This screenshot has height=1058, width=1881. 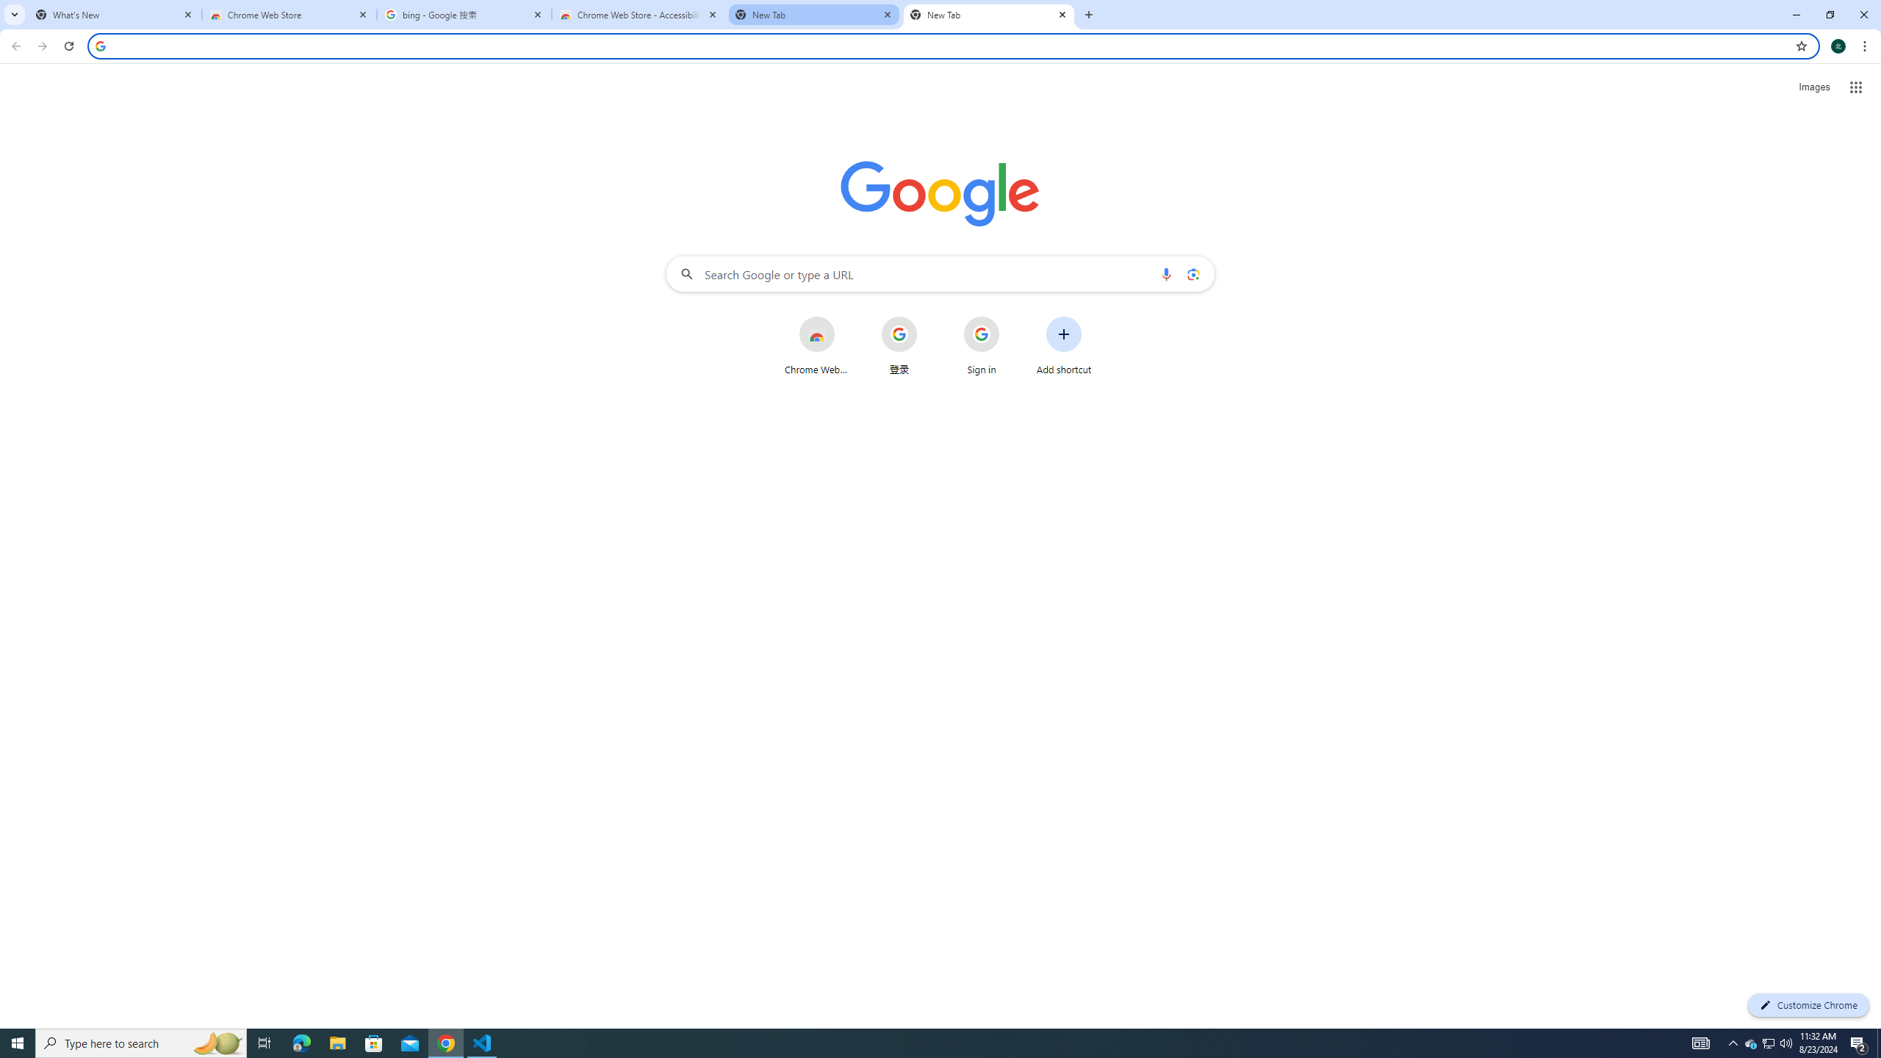 What do you see at coordinates (1010, 317) in the screenshot?
I see `'More actions for Sign in shortcut'` at bounding box center [1010, 317].